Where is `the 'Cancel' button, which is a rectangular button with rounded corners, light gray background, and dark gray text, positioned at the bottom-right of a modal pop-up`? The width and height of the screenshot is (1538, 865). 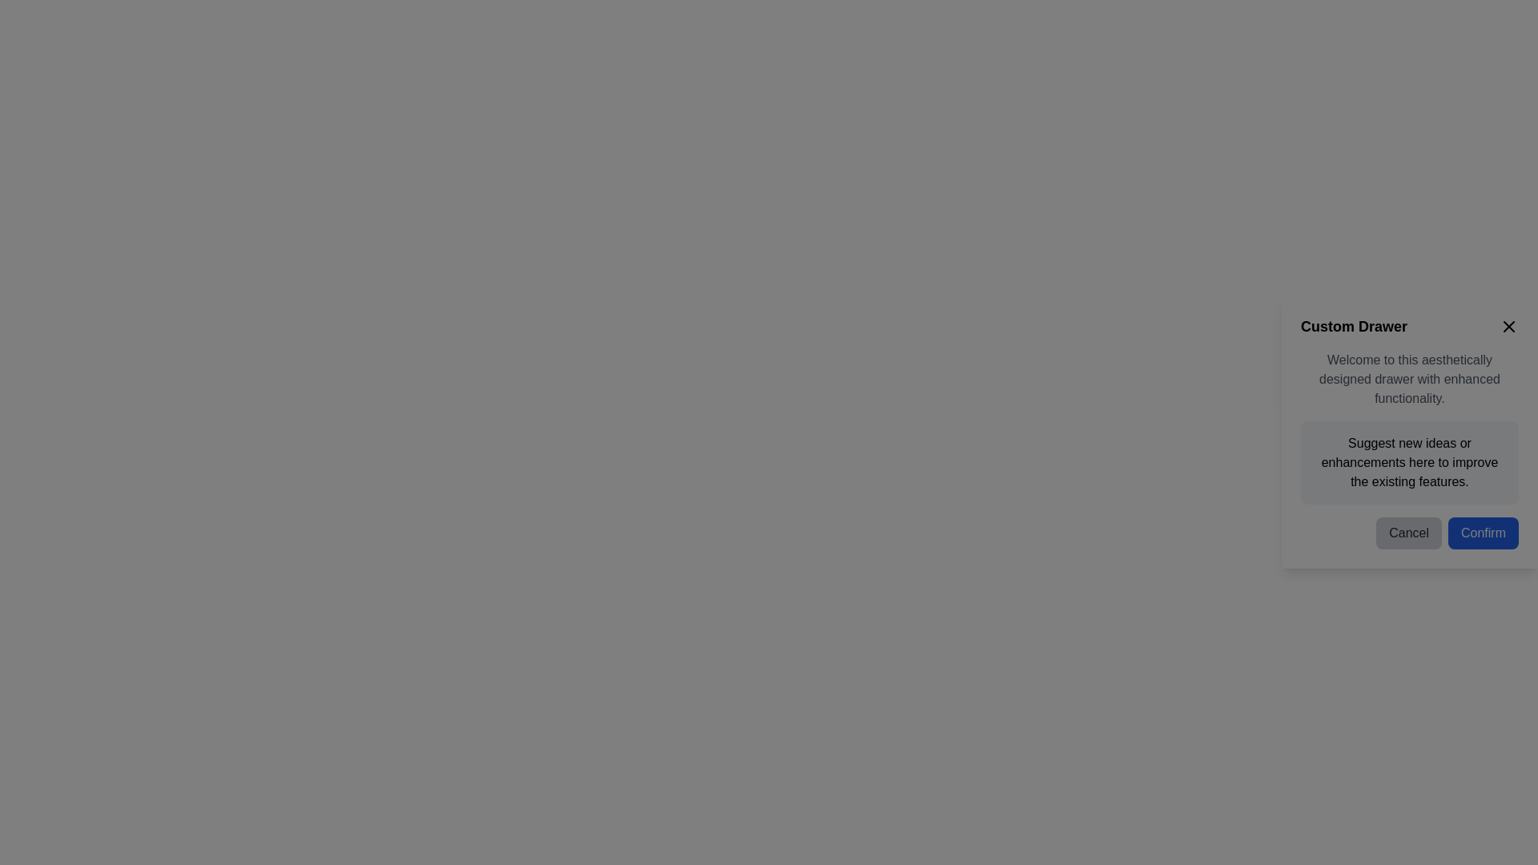 the 'Cancel' button, which is a rectangular button with rounded corners, light gray background, and dark gray text, positioned at the bottom-right of a modal pop-up is located at coordinates (1408, 533).